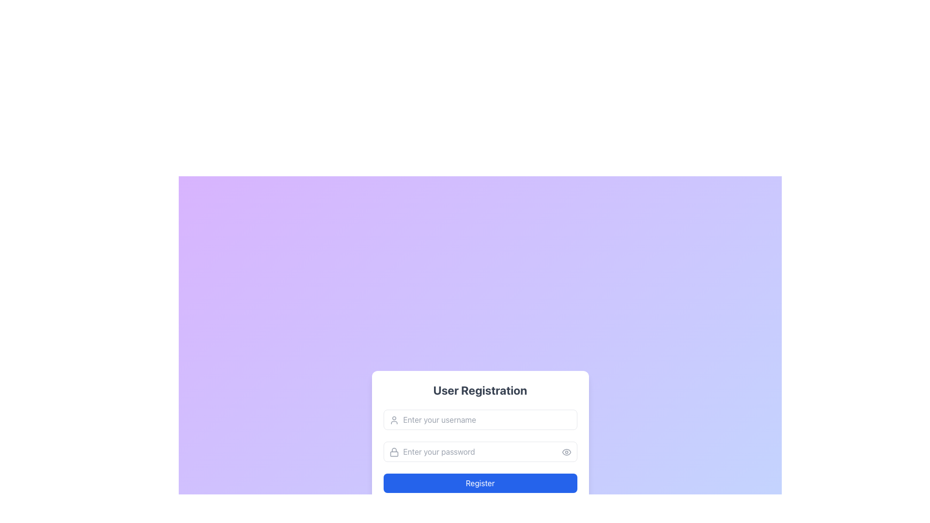 The height and width of the screenshot is (523, 930). I want to click on the compact, circular button with an eye-shaped icon at the top-right corner of the password input field in the User Registration form, so click(566, 452).